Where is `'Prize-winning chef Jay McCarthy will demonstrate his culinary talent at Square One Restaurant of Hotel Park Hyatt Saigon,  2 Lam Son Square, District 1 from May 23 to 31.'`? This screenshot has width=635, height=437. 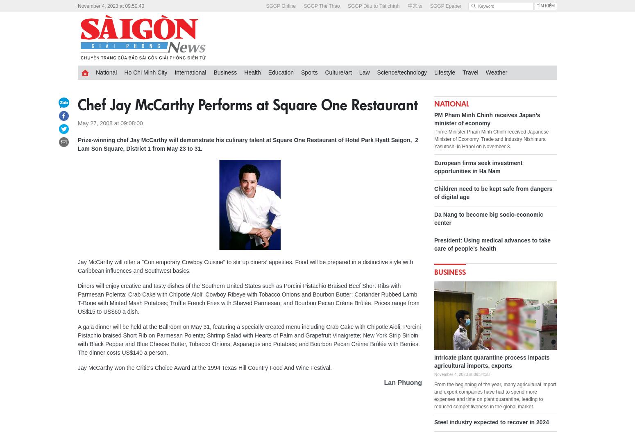
'Prize-winning chef Jay McCarthy will demonstrate his culinary talent at Square One Restaurant of Hotel Park Hyatt Saigon,  2 Lam Son Square, District 1 from May 23 to 31.' is located at coordinates (247, 144).